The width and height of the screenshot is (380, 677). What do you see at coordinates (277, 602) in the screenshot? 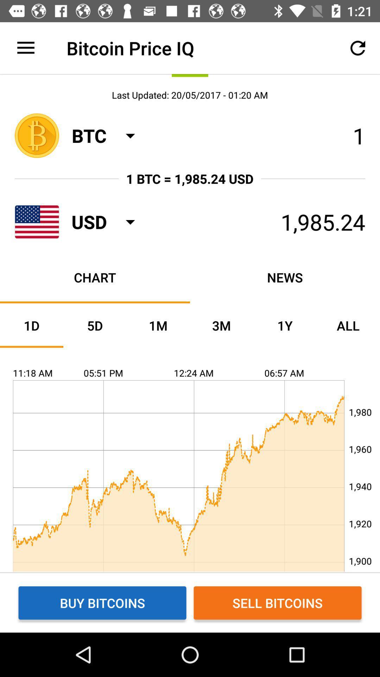
I see `item next to the buy bitcoins` at bounding box center [277, 602].